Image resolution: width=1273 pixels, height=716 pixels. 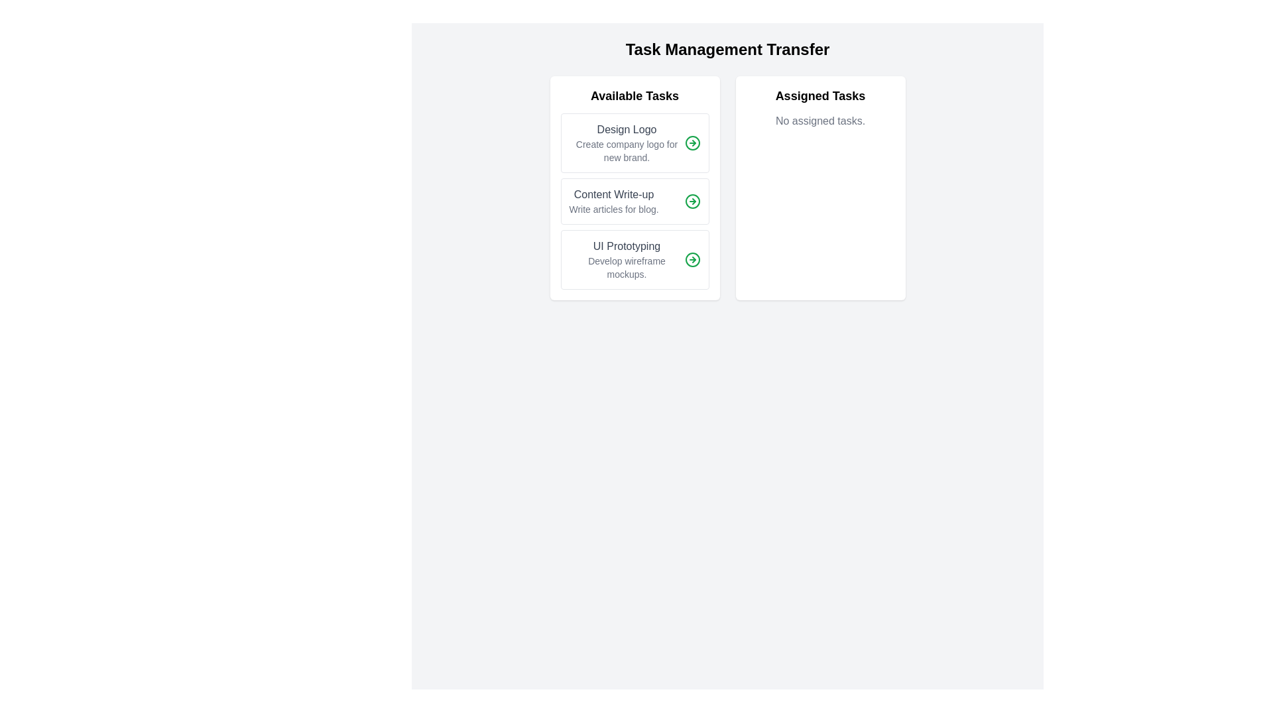 I want to click on the 'Content Write-up' task item card located in the 'Available Tasks' column, so click(x=634, y=188).